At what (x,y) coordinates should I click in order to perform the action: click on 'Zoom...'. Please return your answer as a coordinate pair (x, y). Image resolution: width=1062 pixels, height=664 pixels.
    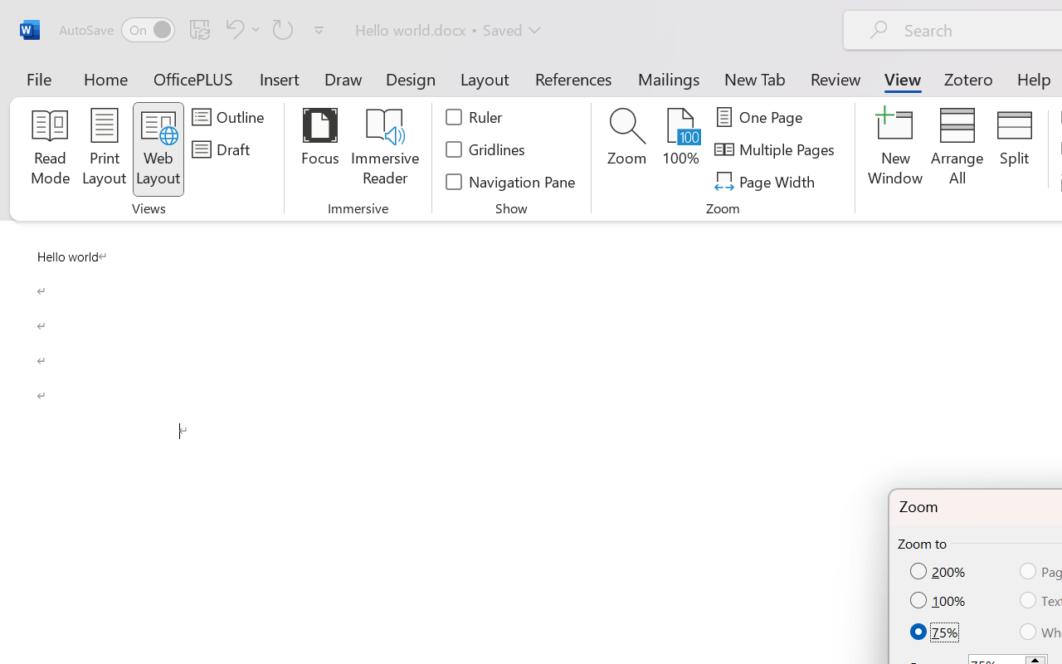
    Looking at the image, I should click on (626, 149).